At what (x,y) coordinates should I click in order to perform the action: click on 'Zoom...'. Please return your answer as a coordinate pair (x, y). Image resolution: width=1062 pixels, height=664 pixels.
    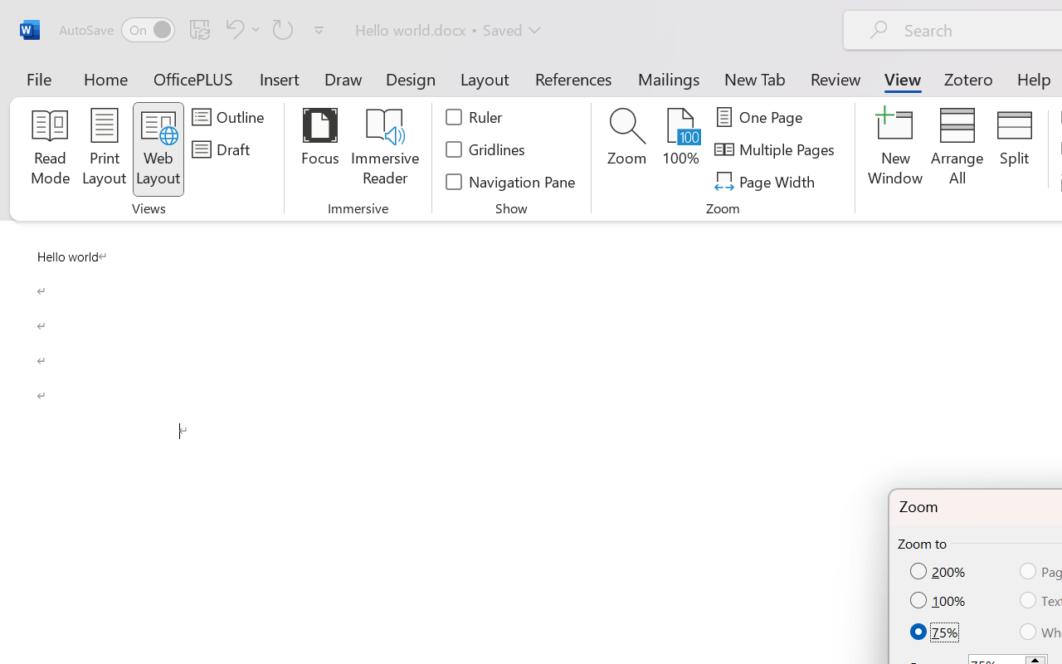
    Looking at the image, I should click on (626, 149).